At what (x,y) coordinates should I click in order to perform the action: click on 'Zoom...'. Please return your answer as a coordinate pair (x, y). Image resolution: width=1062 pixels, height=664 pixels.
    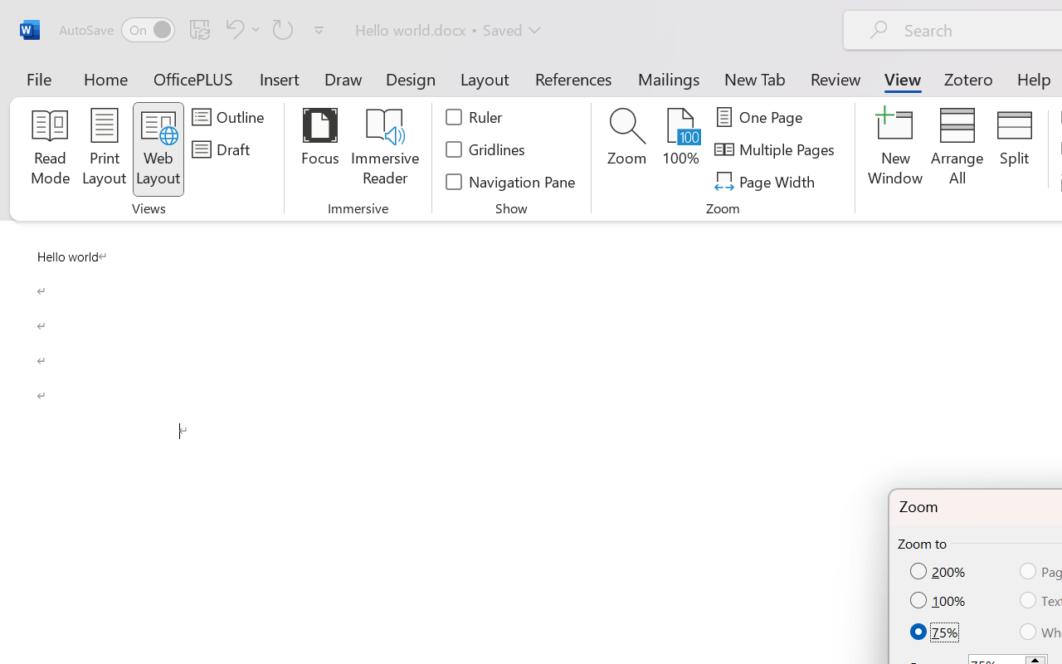
    Looking at the image, I should click on (626, 149).